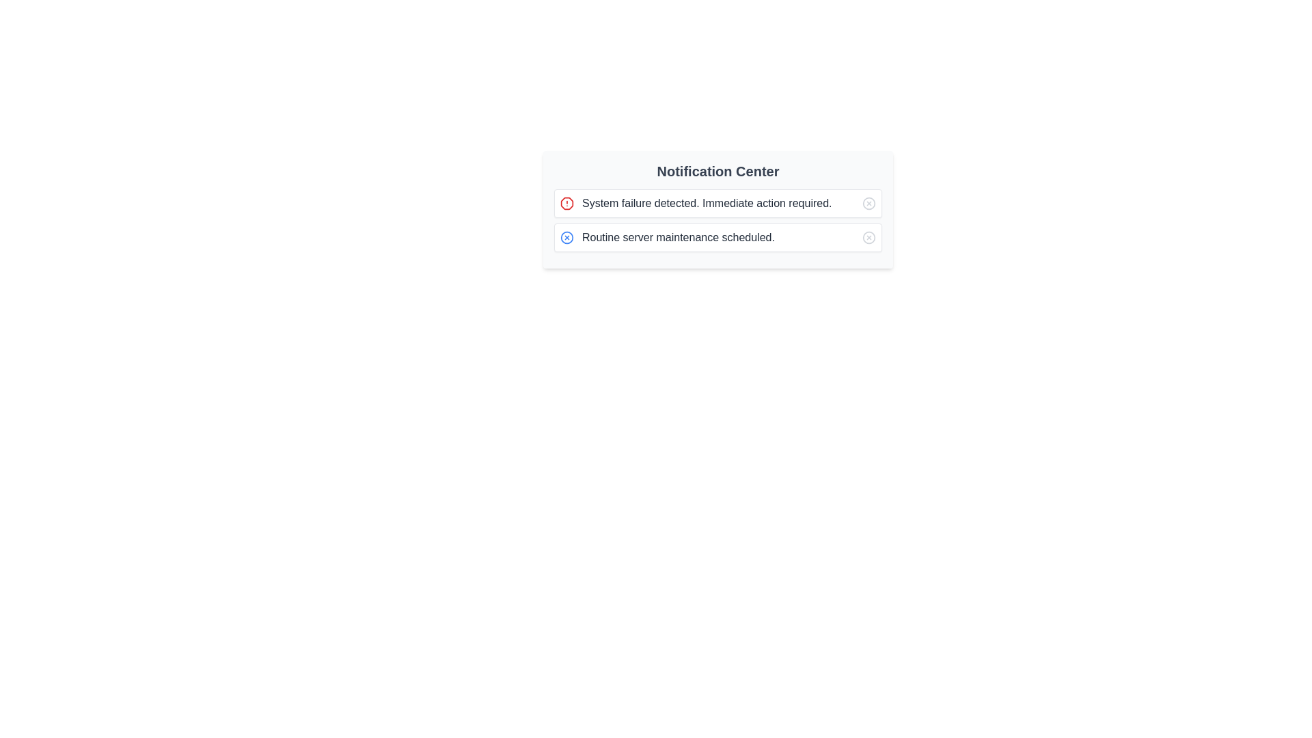  What do you see at coordinates (717, 236) in the screenshot?
I see `message on the second notification card in the Notification Center, which displays a scheduled maintenance message and is positioned below the system failure notification` at bounding box center [717, 236].